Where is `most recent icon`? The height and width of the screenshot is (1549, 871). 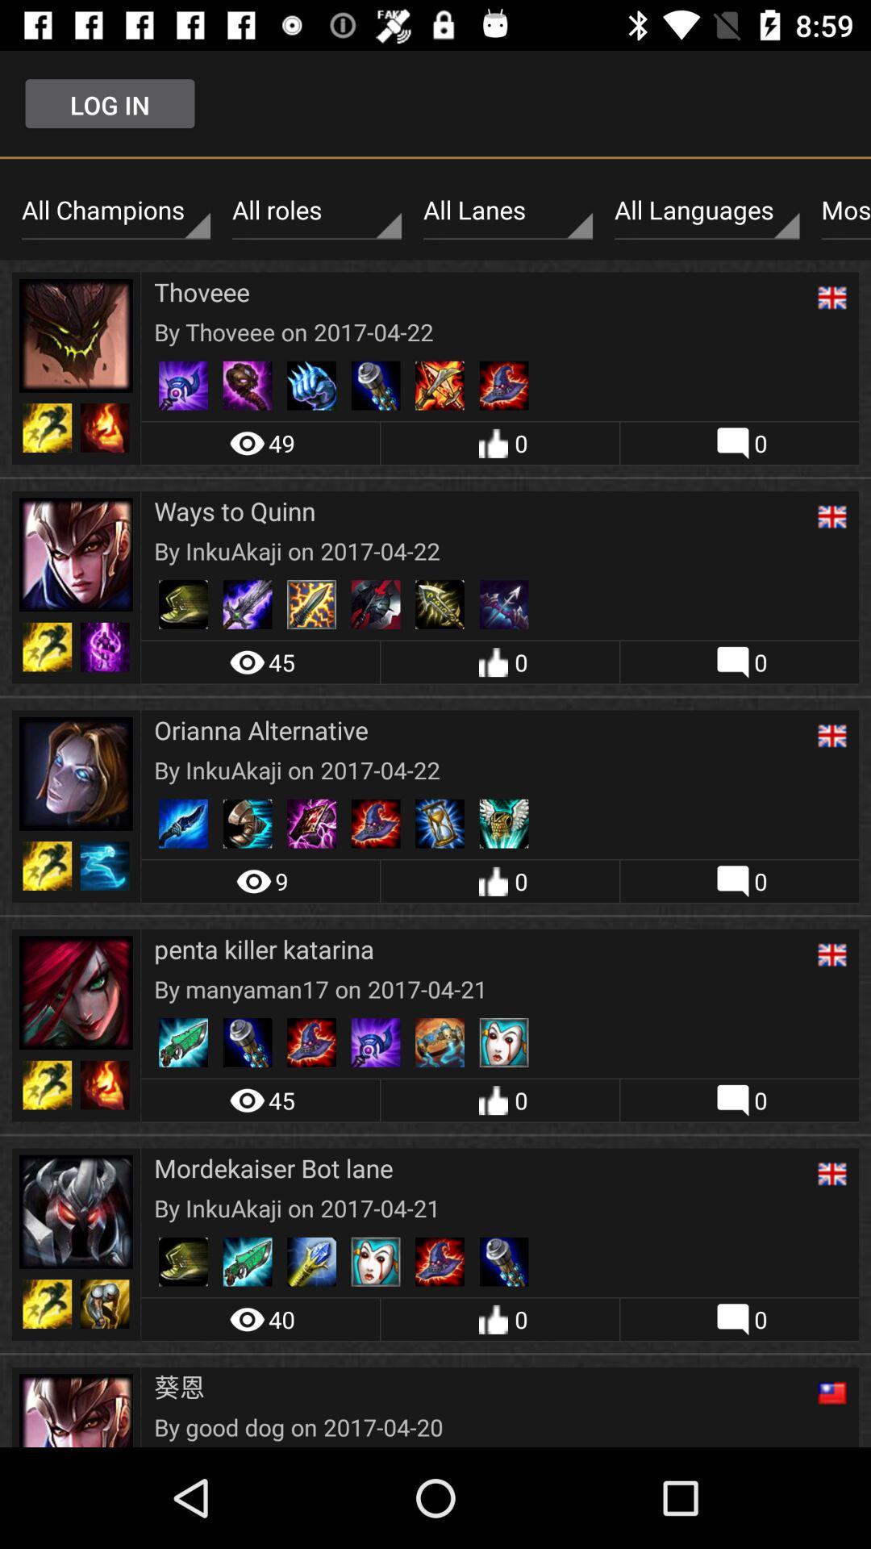 most recent icon is located at coordinates (841, 210).